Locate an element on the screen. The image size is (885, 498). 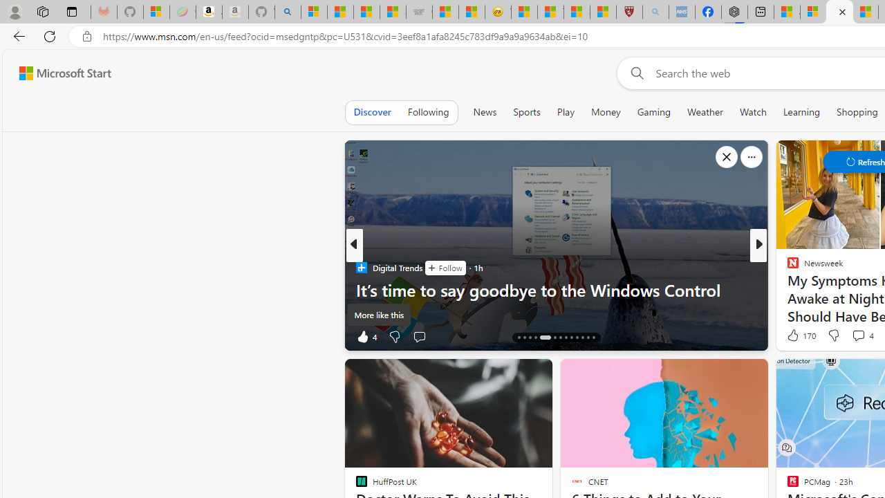
'104 Like' is located at coordinates (796, 336).